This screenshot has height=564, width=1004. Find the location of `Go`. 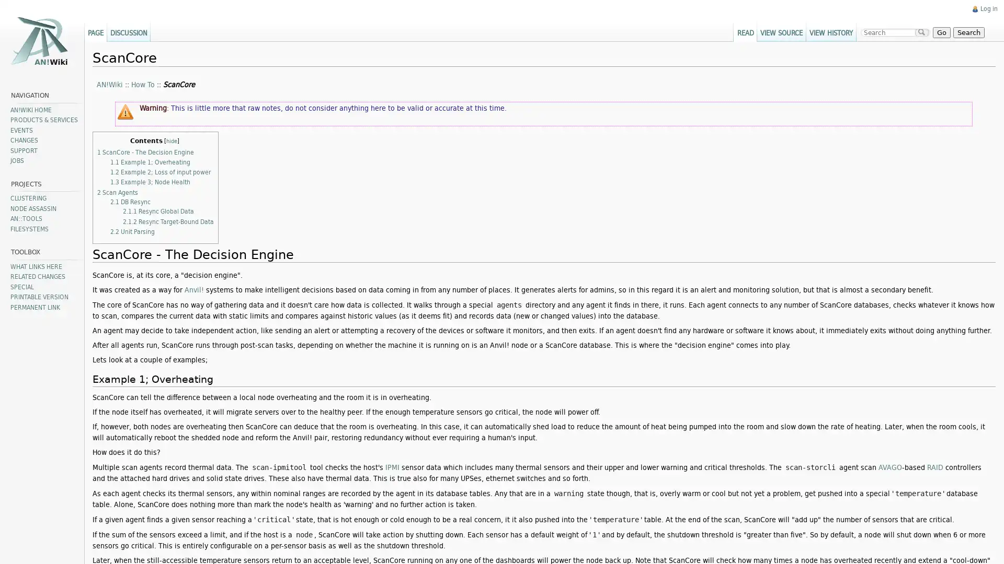

Go is located at coordinates (938, 31).